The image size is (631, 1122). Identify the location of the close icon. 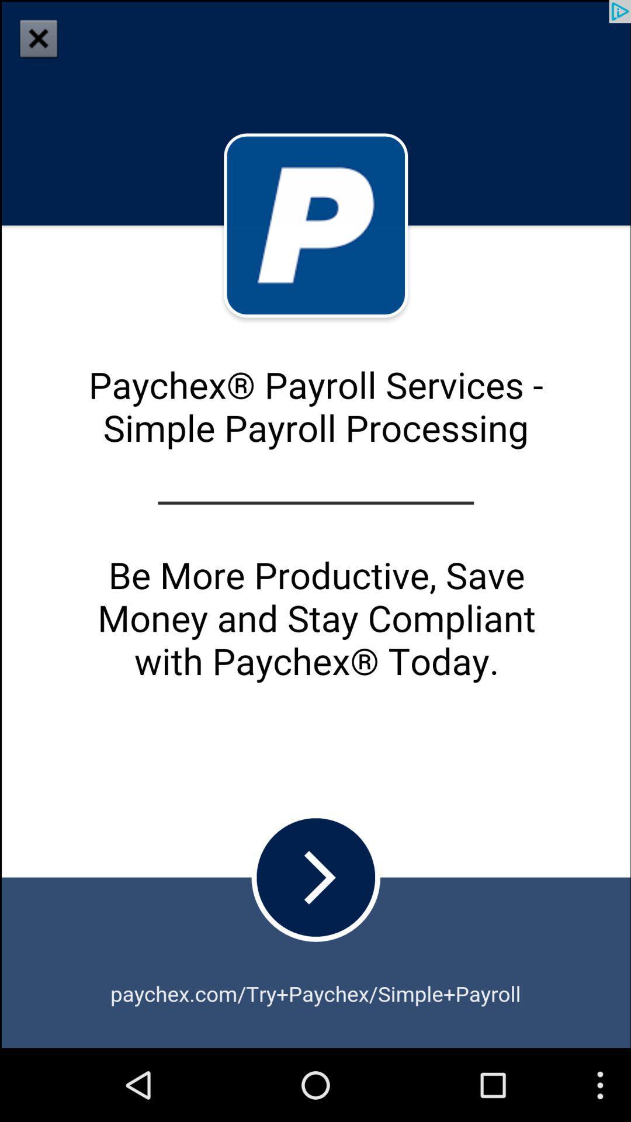
(37, 41).